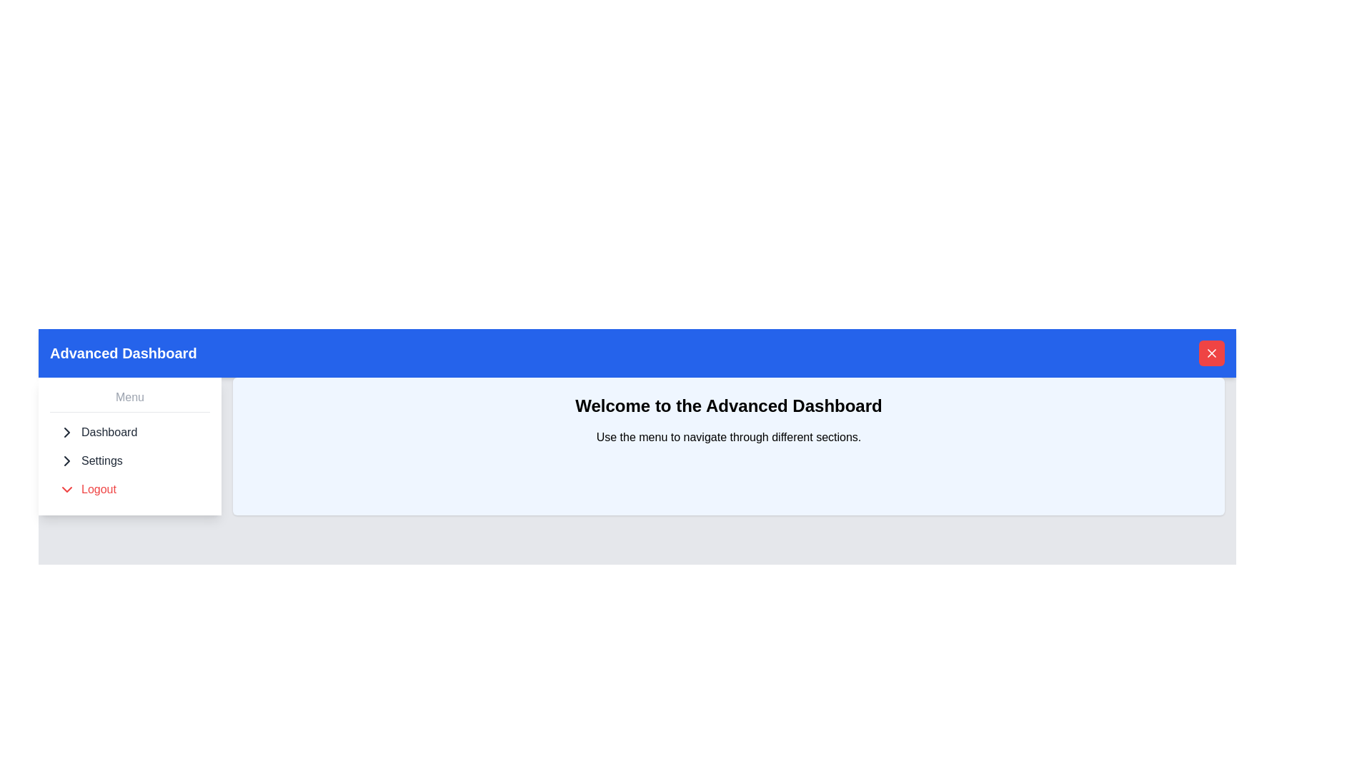  Describe the element at coordinates (130, 460) in the screenshot. I see `the 'Settings' button` at that location.